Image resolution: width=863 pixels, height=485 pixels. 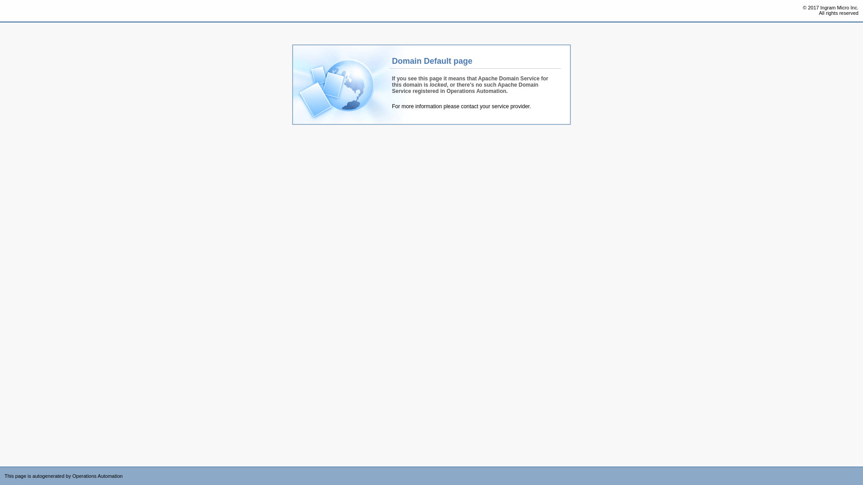 I want to click on 'Operations Automation', so click(x=23, y=11).